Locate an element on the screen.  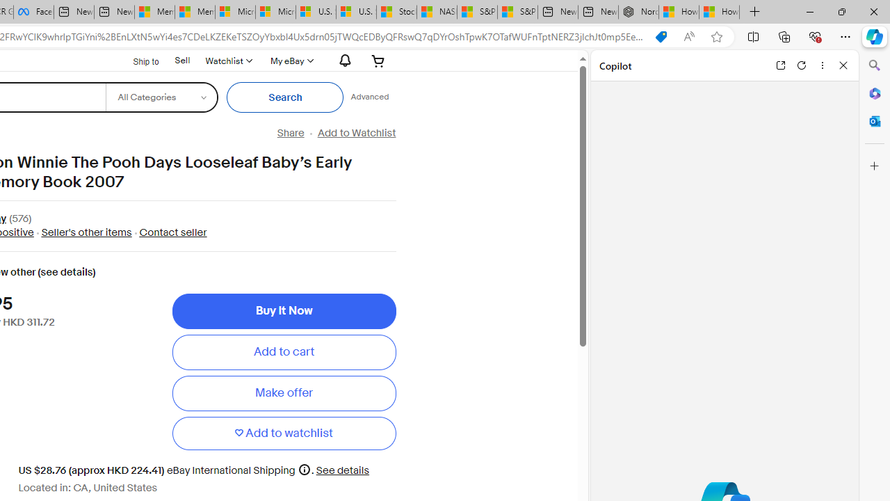
'See details for shipping' is located at coordinates (343, 470).